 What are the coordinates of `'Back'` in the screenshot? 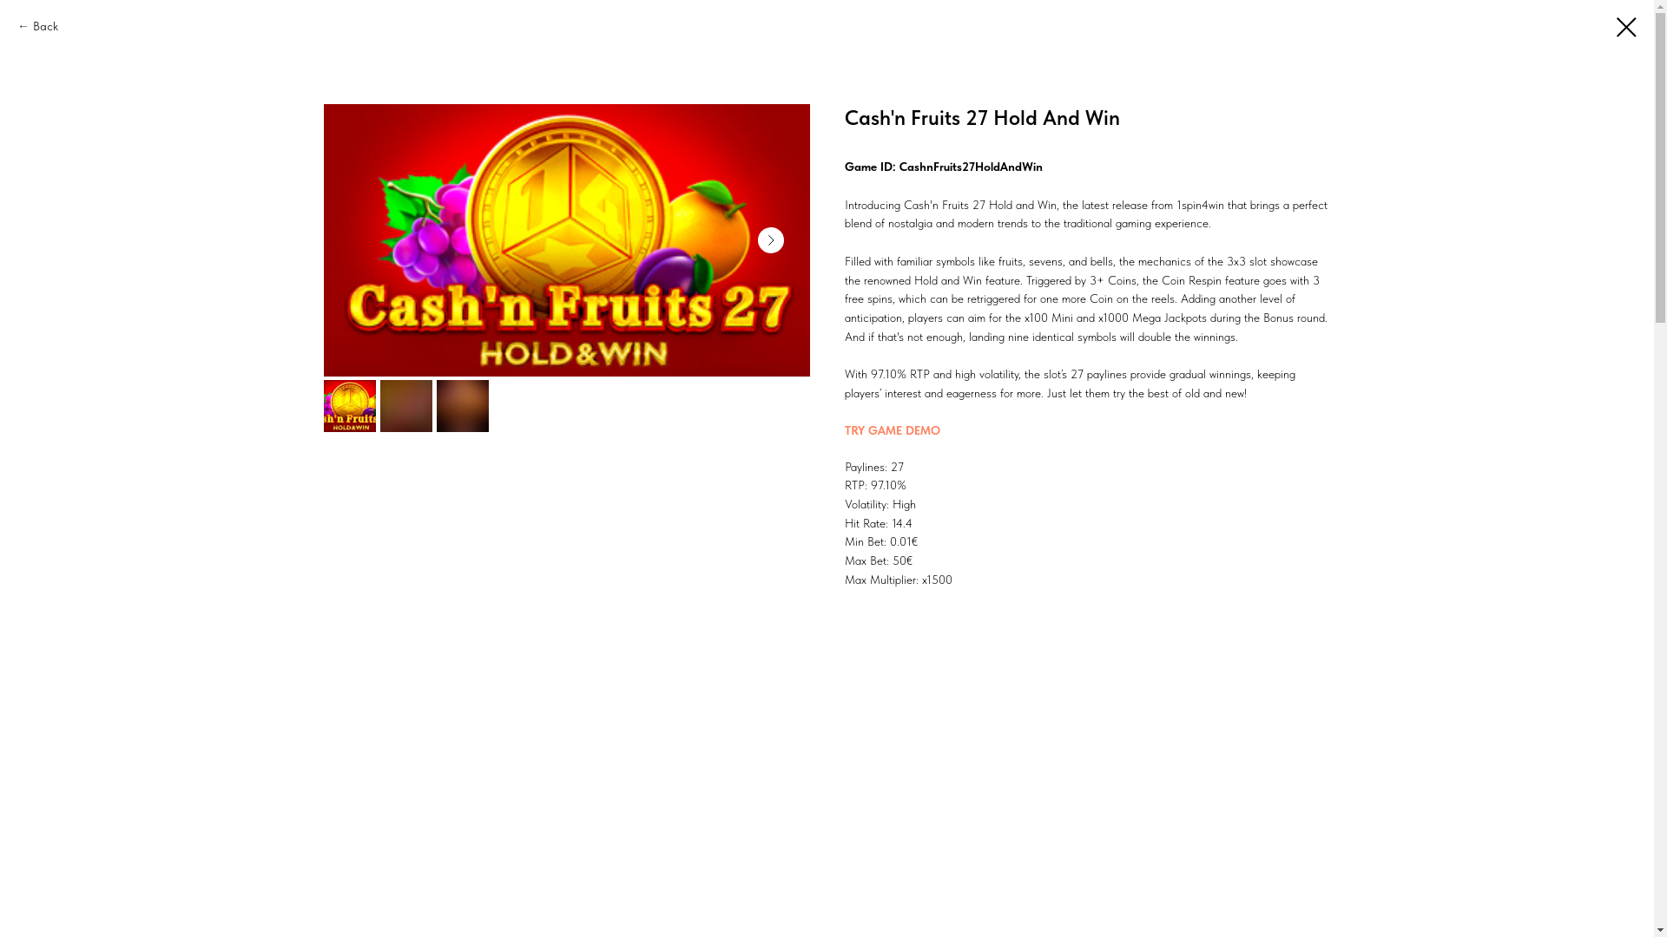 It's located at (37, 26).